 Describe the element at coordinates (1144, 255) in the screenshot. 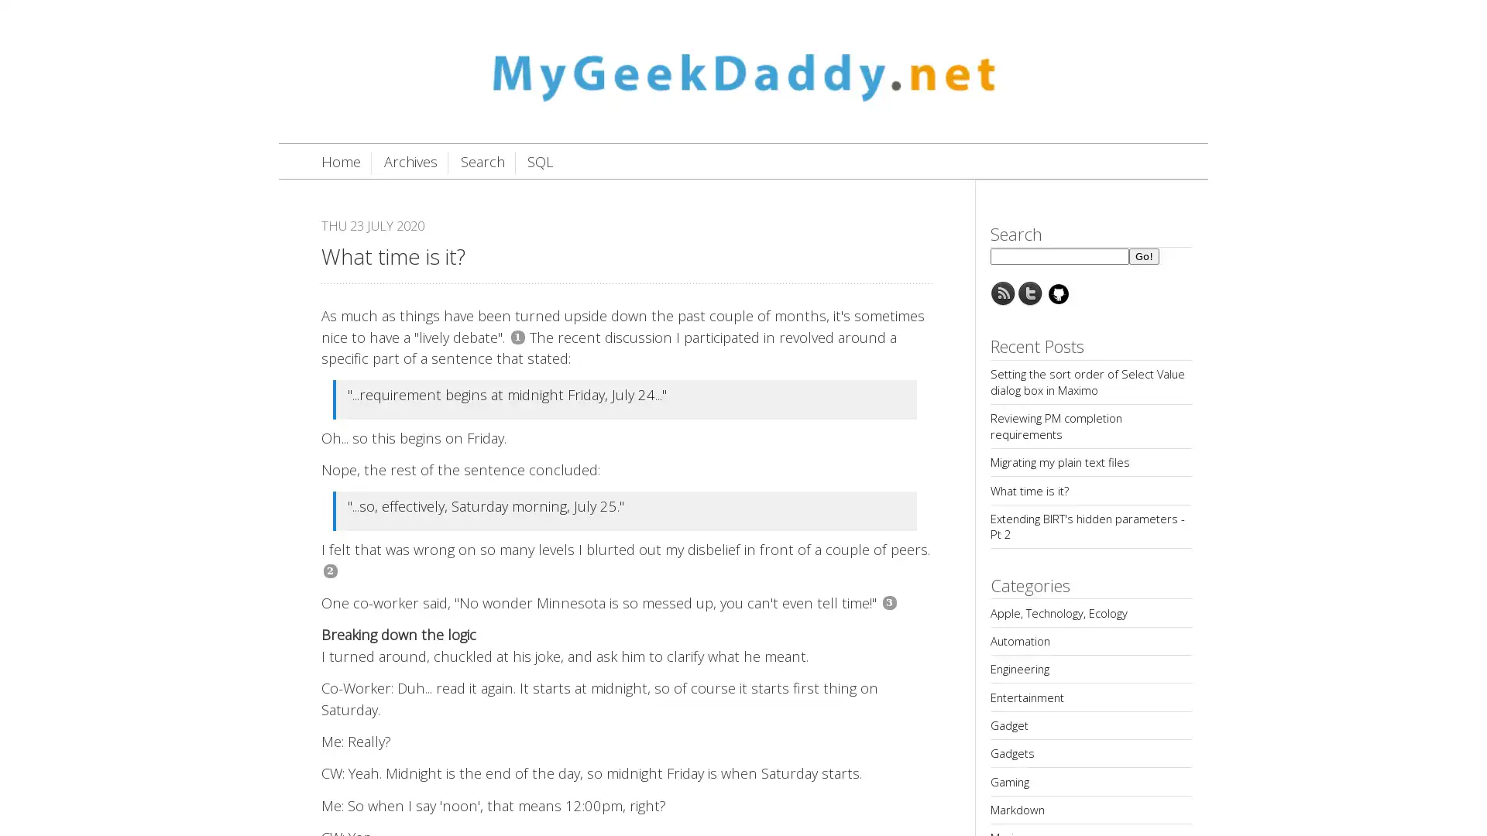

I see `Go!` at that location.